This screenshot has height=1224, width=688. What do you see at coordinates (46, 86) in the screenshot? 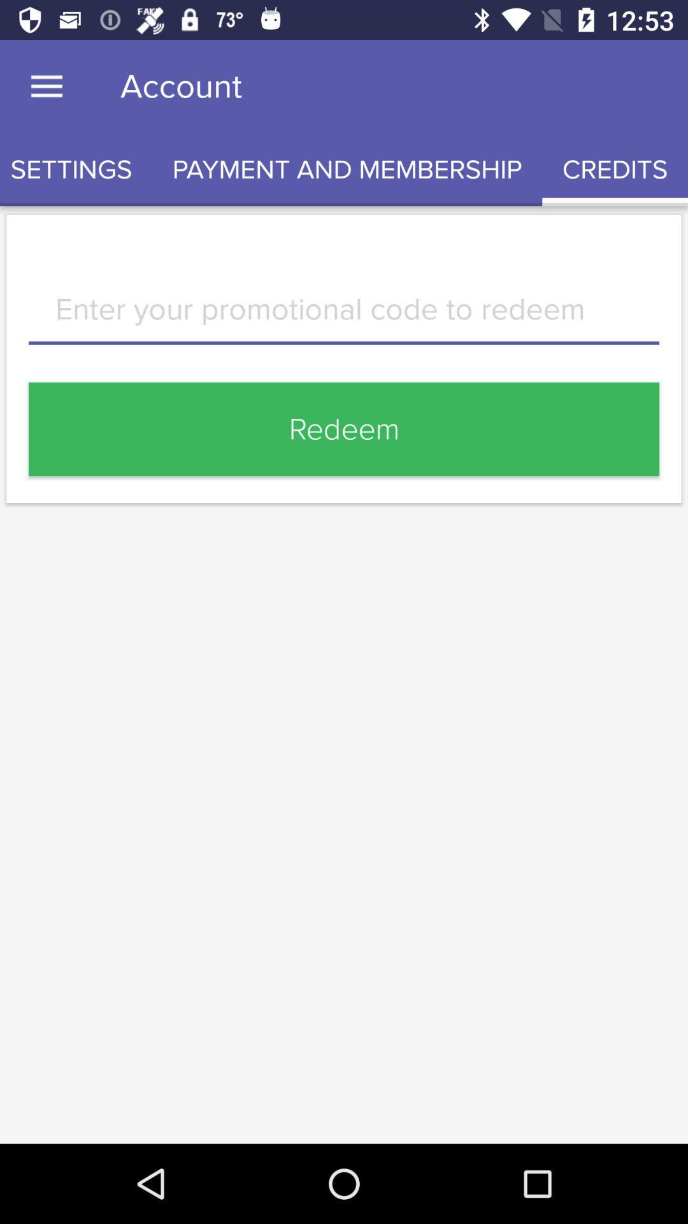
I see `the icon next to the account` at bounding box center [46, 86].